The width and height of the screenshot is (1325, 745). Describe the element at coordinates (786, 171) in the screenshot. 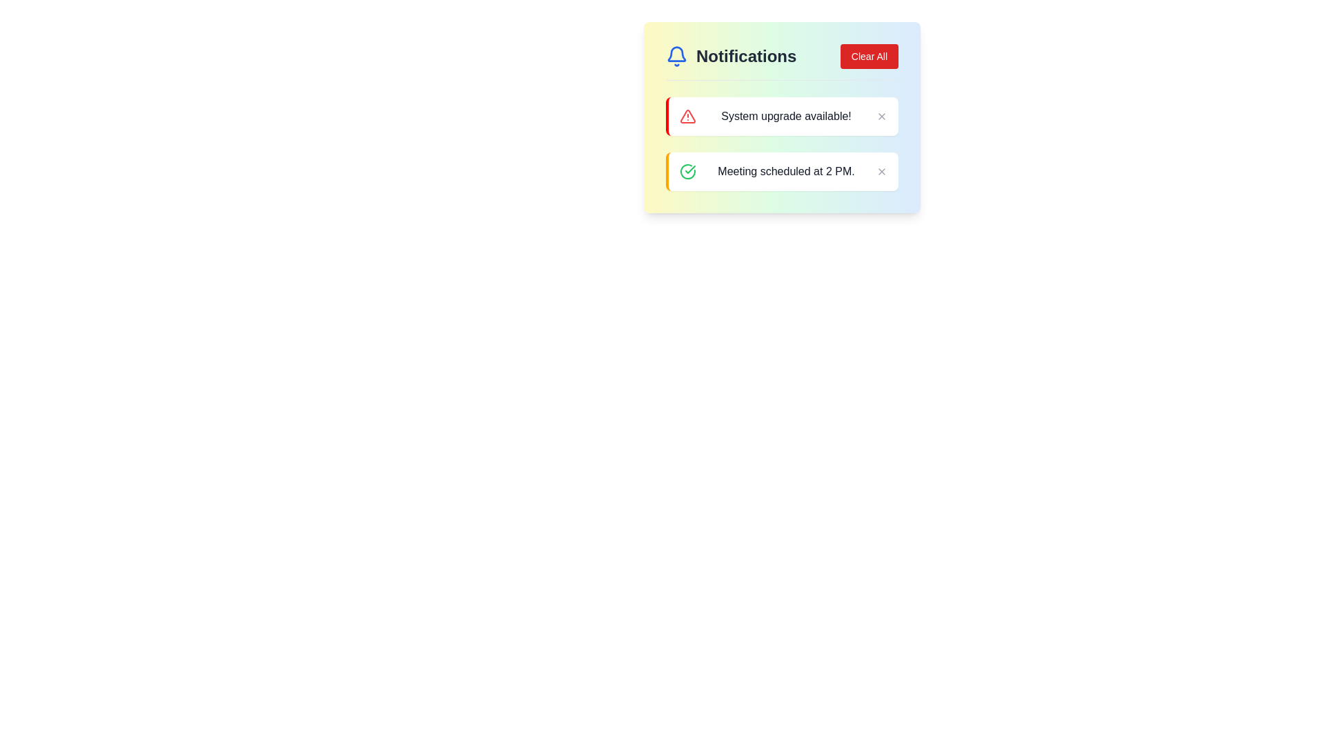

I see `the text label displaying 'Meeting scheduled at 2 PM.' which is located within a notification card highlighted with an orange border` at that location.